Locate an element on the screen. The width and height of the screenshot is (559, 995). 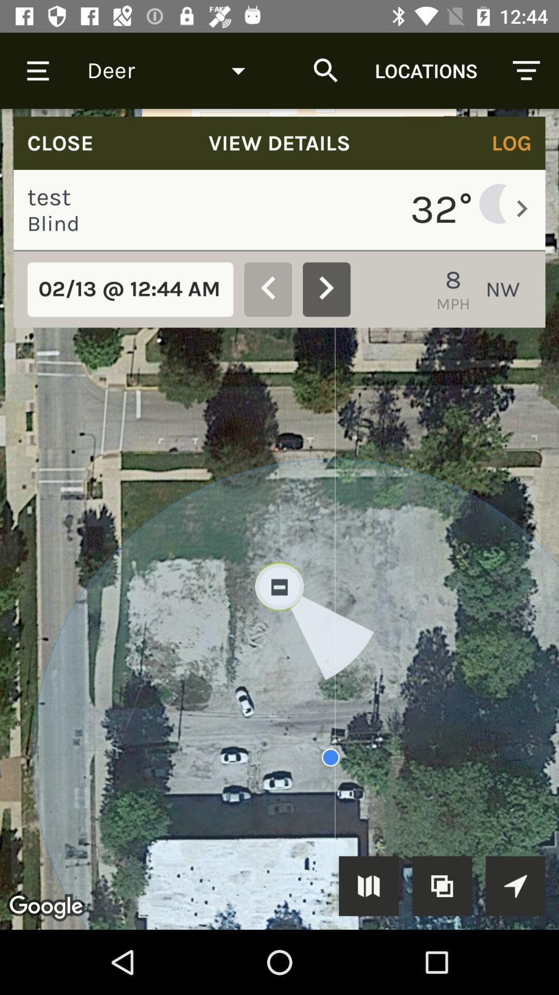
selected button is located at coordinates (368, 885).